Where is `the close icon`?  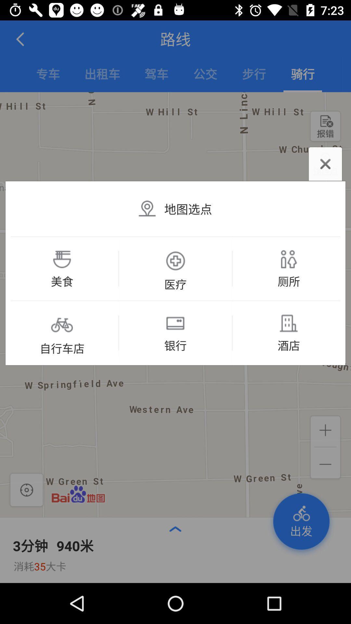 the close icon is located at coordinates (325, 164).